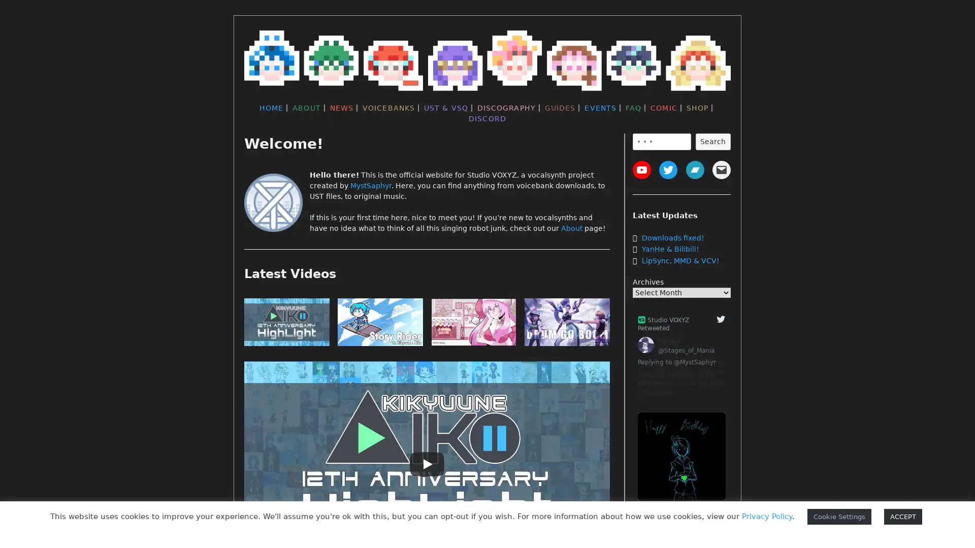 The image size is (975, 548). I want to click on play, so click(379, 324).